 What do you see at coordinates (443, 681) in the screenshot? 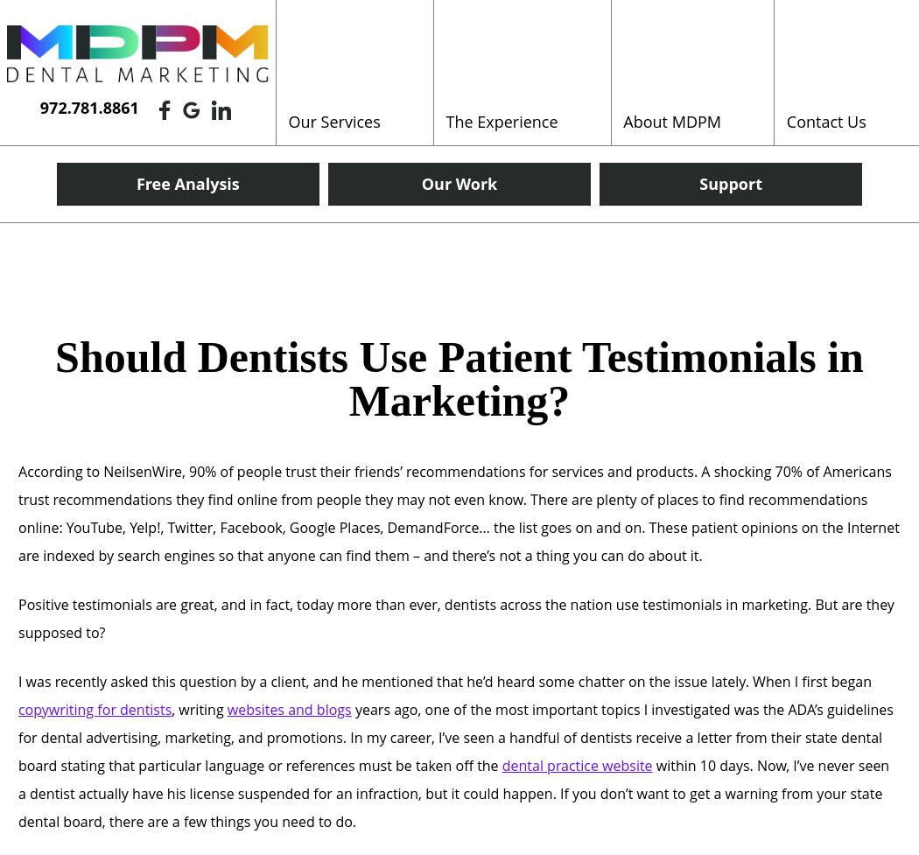
I see `'I was recently asked this question by a client, and he mentioned that he’d heard some chatter on the issue lately. When I first began'` at bounding box center [443, 681].